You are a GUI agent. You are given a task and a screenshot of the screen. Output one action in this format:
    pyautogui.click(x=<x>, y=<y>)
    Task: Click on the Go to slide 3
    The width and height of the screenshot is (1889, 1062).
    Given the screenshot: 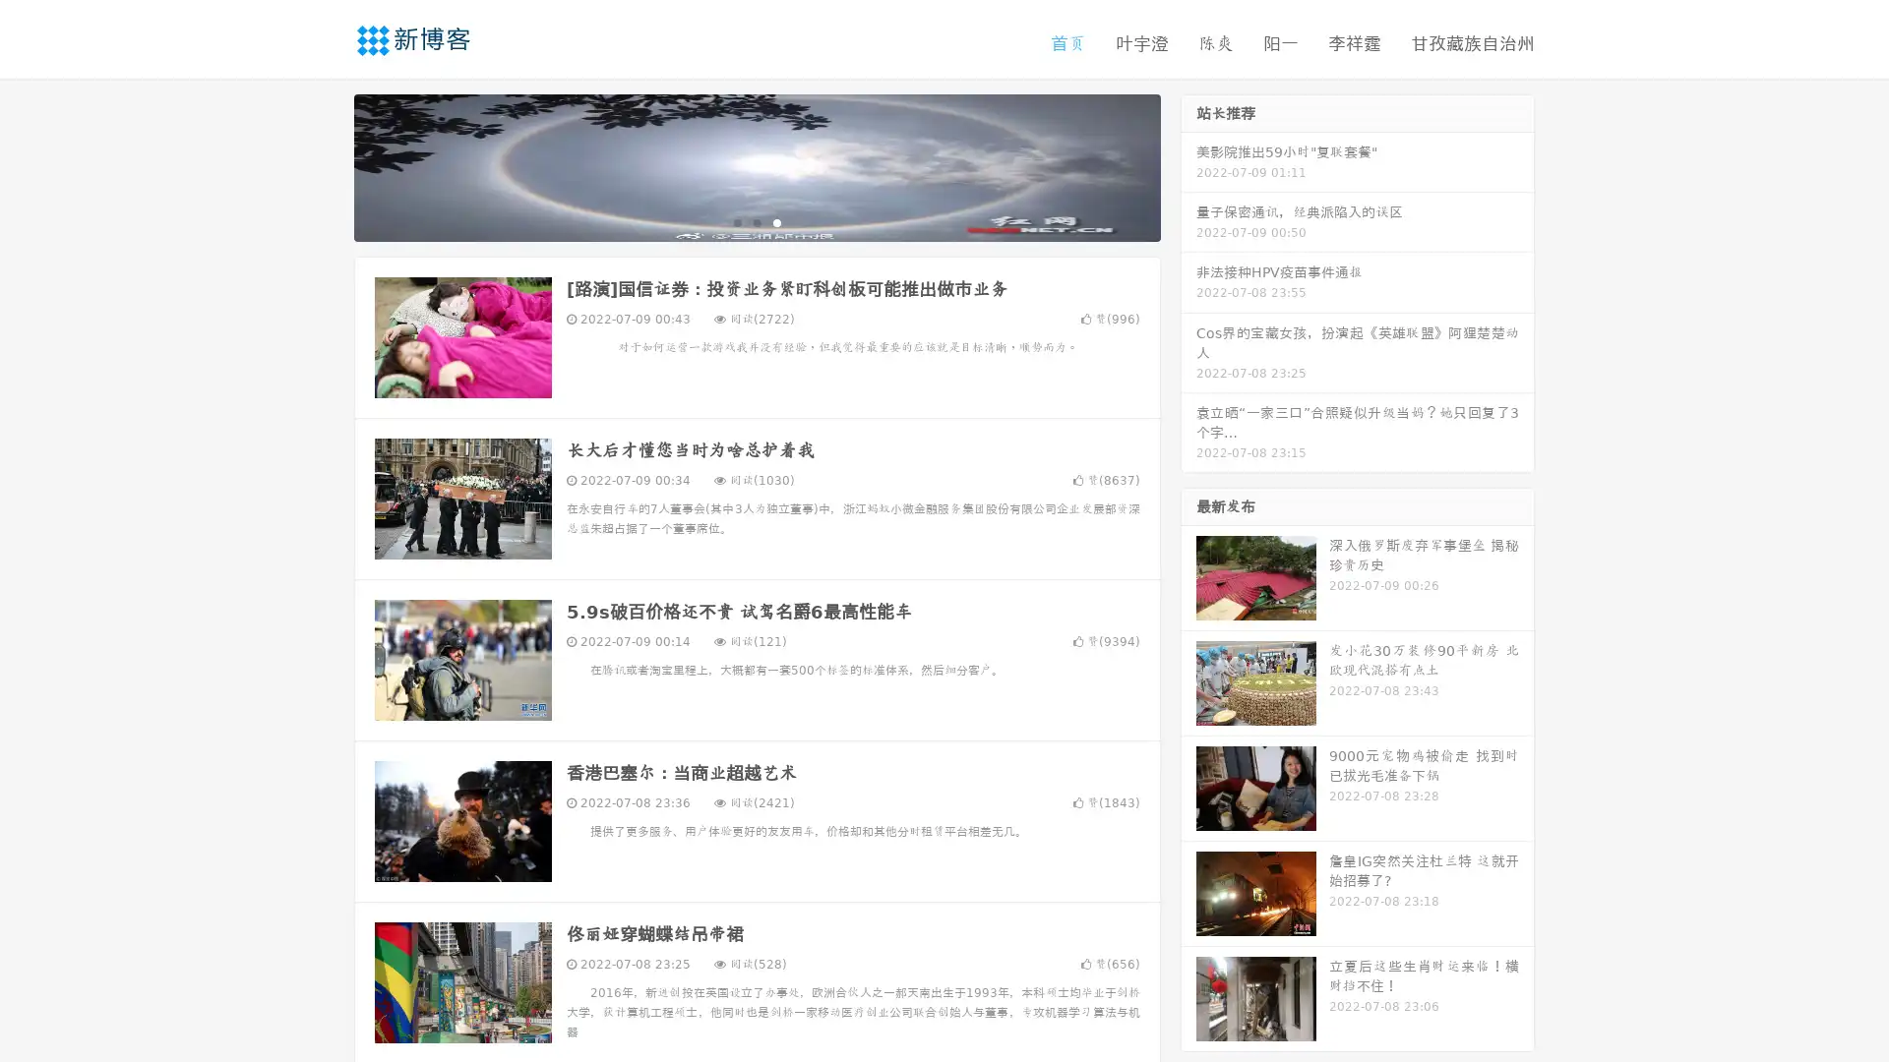 What is the action you would take?
    pyautogui.click(x=776, y=221)
    